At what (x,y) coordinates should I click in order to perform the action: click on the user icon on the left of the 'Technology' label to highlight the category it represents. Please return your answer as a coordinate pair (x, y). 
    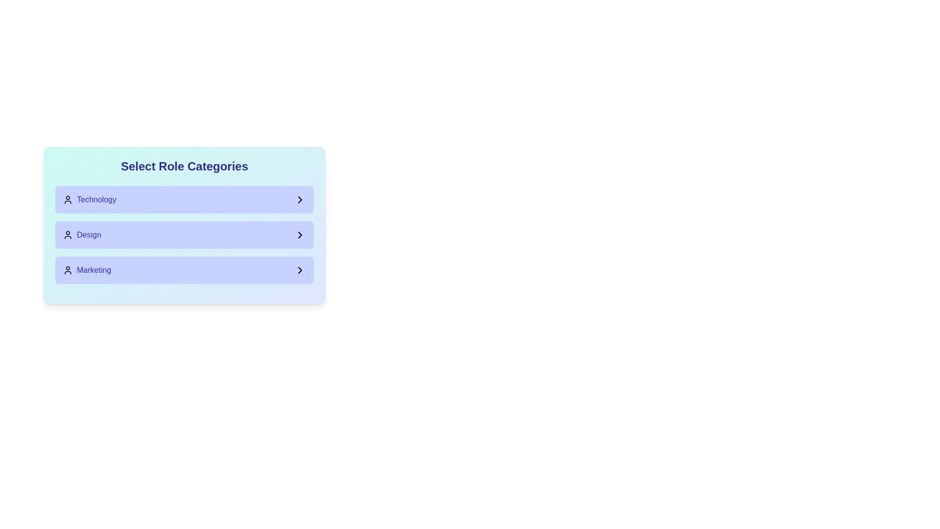
    Looking at the image, I should click on (68, 199).